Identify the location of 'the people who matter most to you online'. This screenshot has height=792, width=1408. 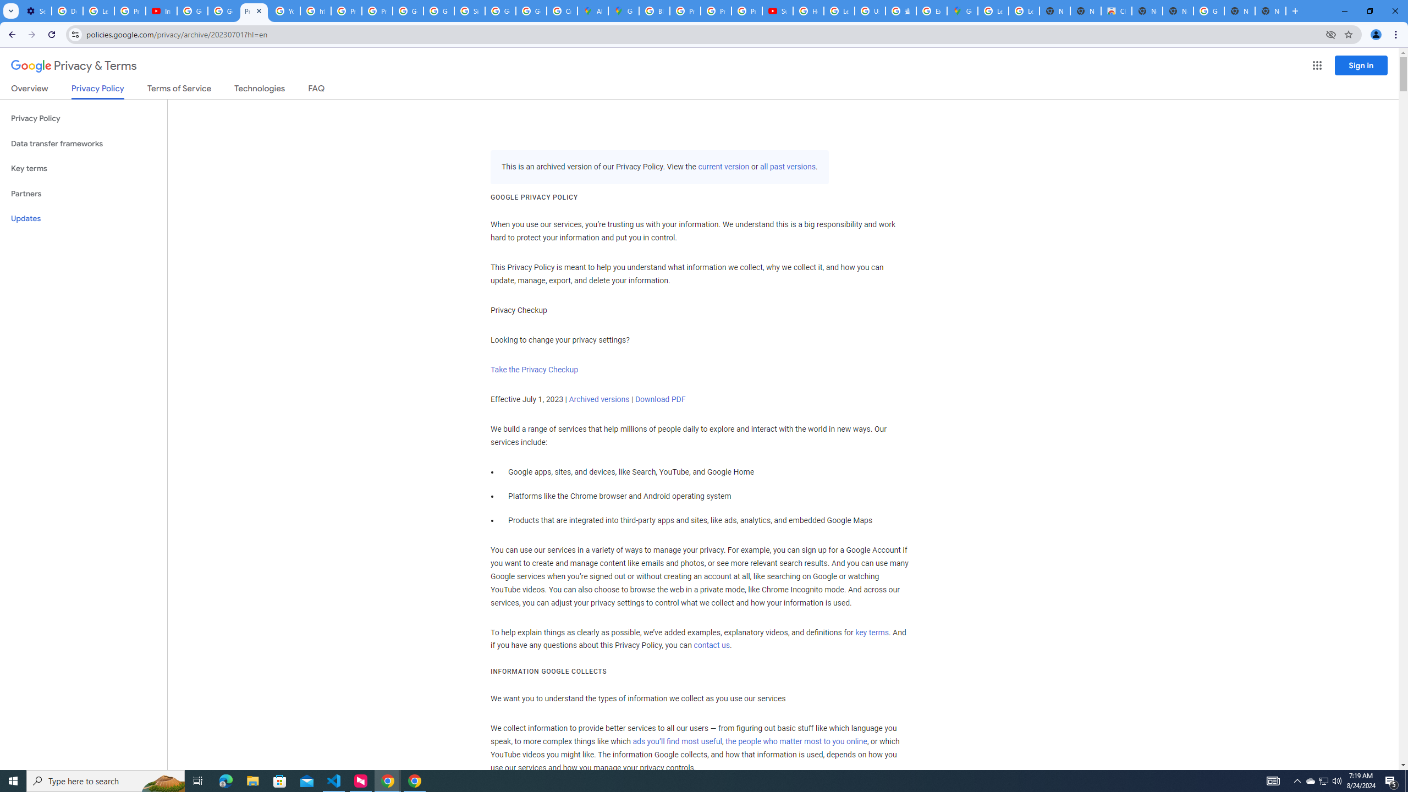
(796, 741).